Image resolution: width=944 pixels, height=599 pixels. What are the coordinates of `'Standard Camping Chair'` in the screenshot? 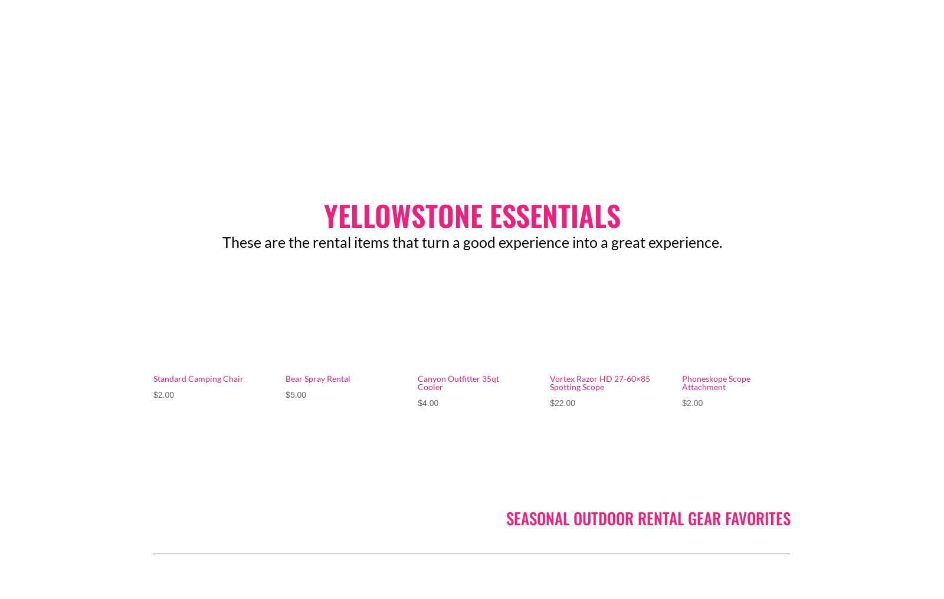 It's located at (198, 377).